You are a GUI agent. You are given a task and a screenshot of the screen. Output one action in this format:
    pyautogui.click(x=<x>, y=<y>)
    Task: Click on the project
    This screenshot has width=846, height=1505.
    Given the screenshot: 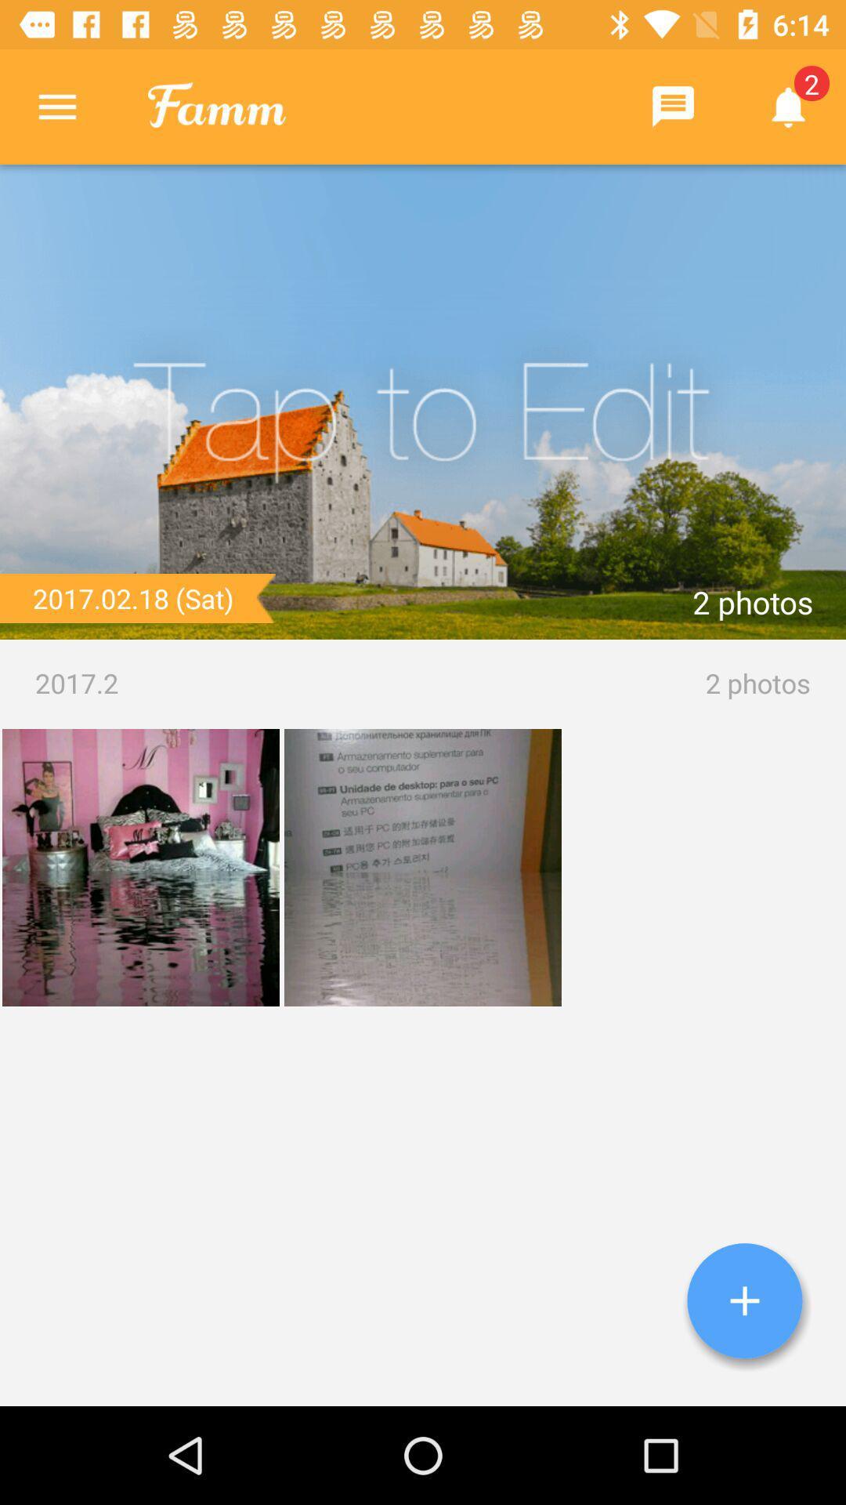 What is the action you would take?
    pyautogui.click(x=744, y=1300)
    